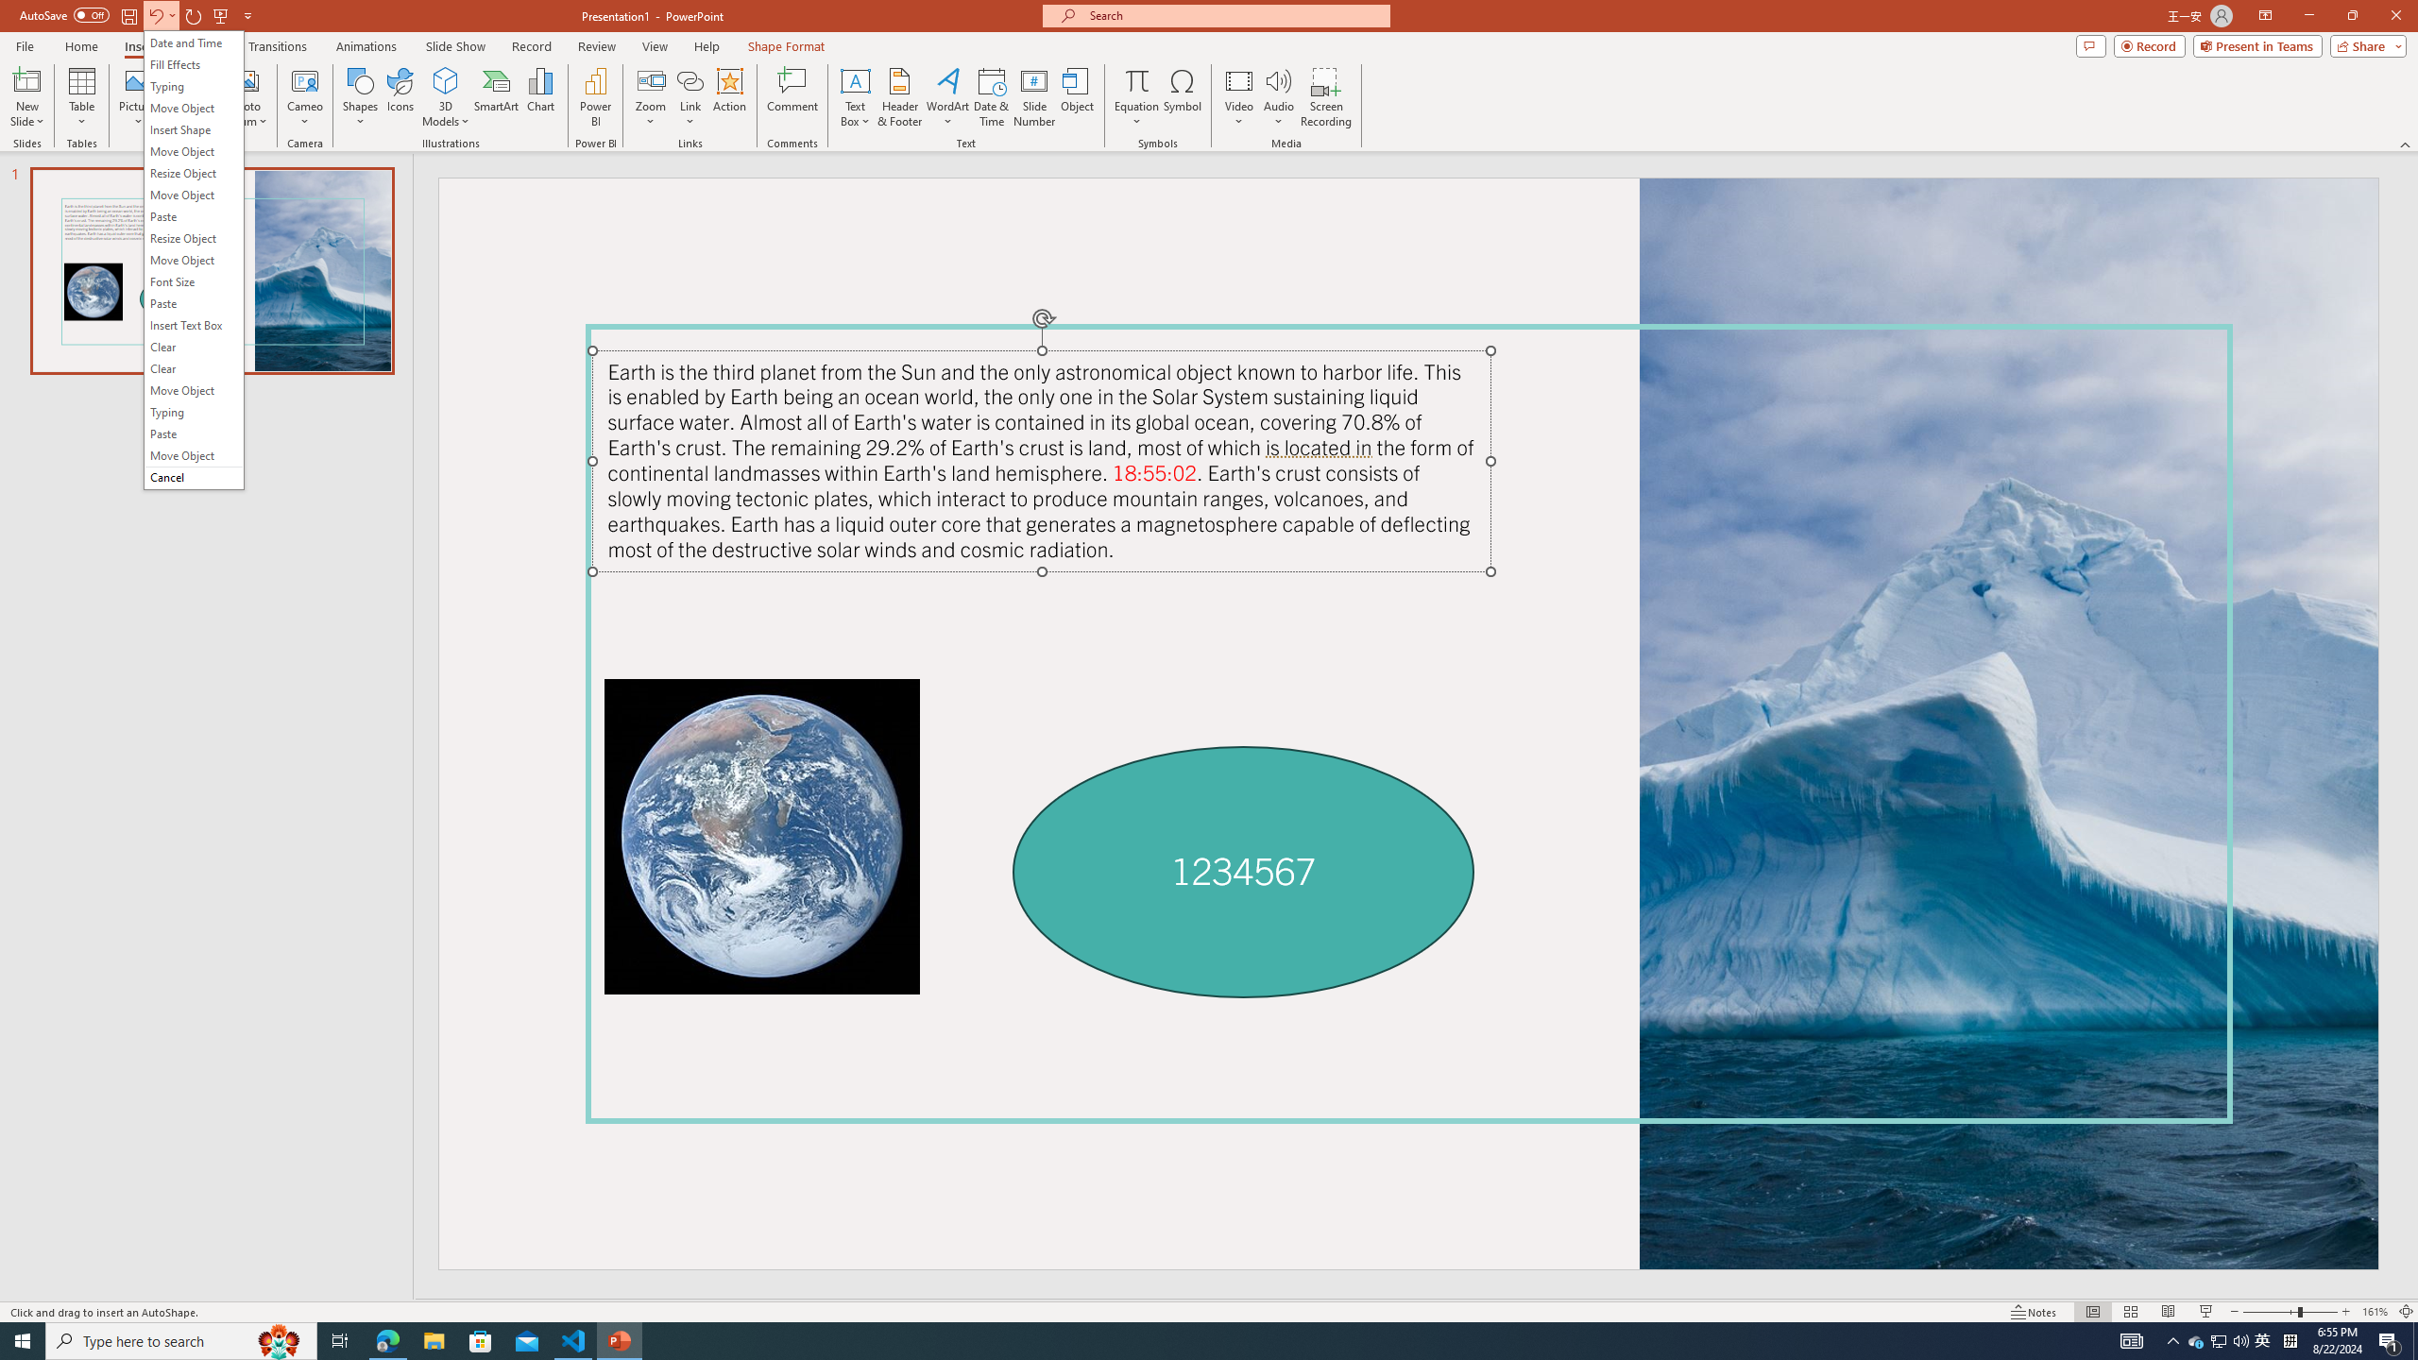 The width and height of the screenshot is (2418, 1360). I want to click on 'Zoom Out', so click(2269, 1312).